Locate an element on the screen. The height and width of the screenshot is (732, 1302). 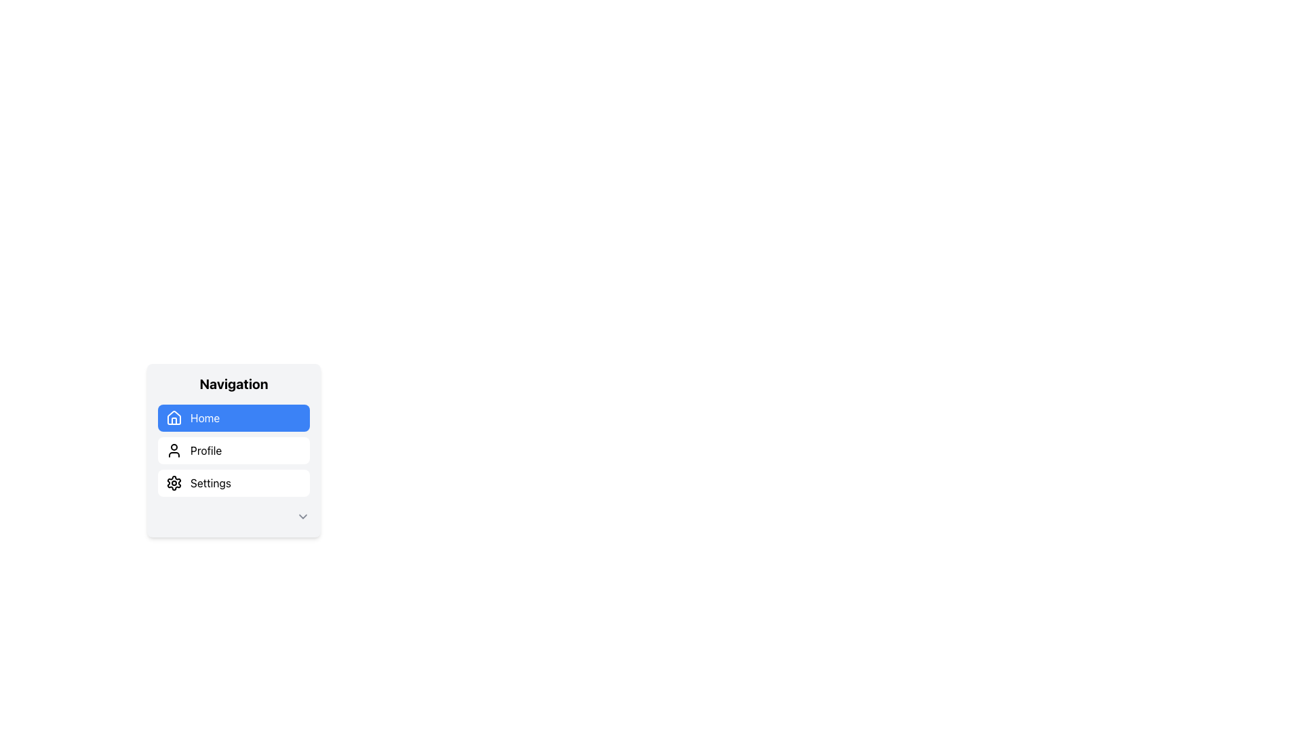
the 'Home' text label in the navigation menu, which is styled in white on a rounded blue background and indicates active selection is located at coordinates (204, 418).